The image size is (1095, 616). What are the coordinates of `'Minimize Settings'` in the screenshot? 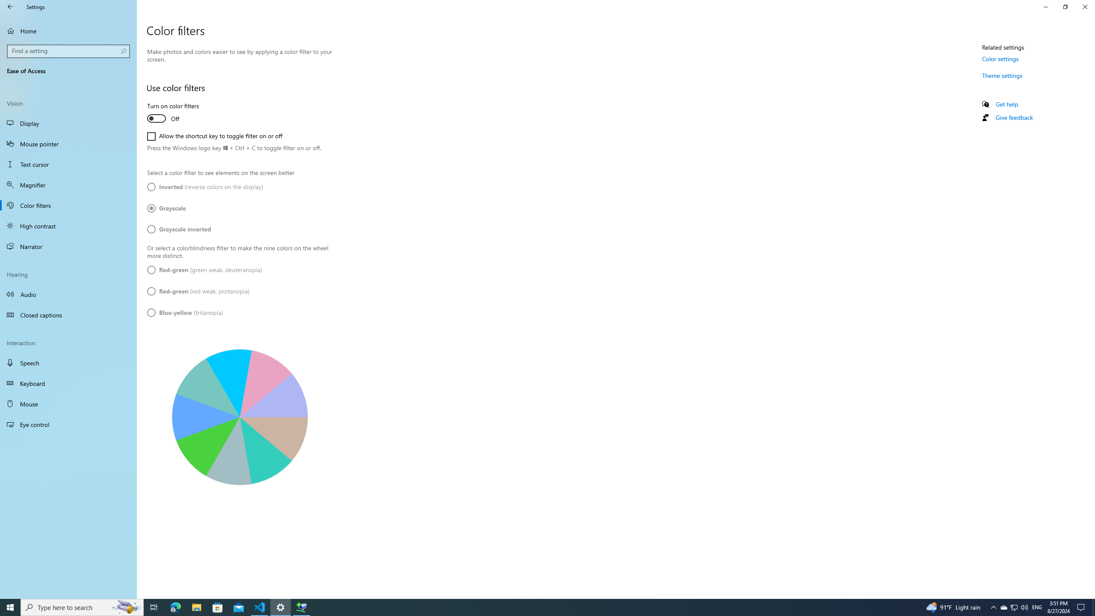 It's located at (1045, 6).